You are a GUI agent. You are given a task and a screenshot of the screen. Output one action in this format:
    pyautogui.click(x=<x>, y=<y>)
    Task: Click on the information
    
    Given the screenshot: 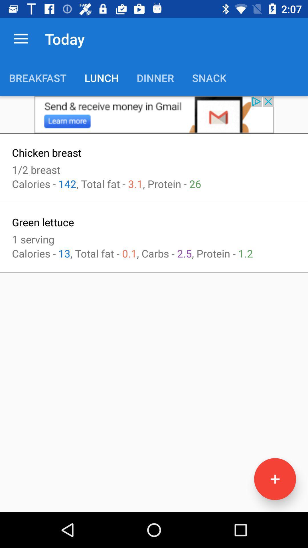 What is the action you would take?
    pyautogui.click(x=275, y=479)
    